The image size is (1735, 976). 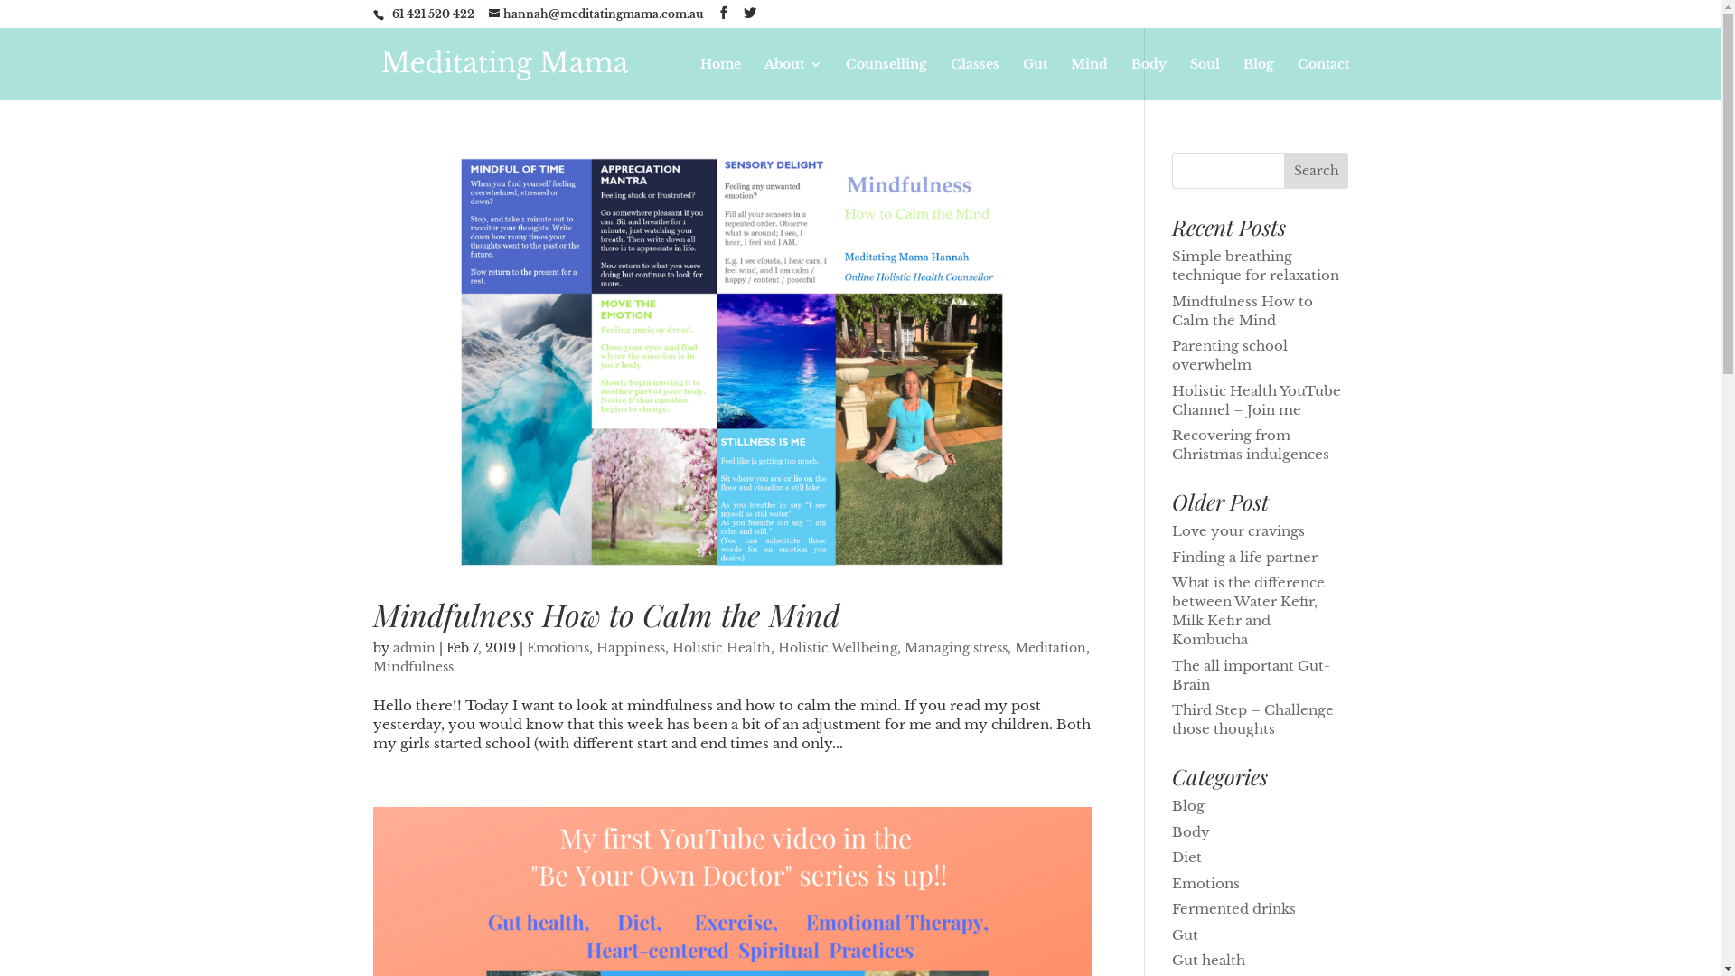 I want to click on 'Blog', so click(x=1188, y=804).